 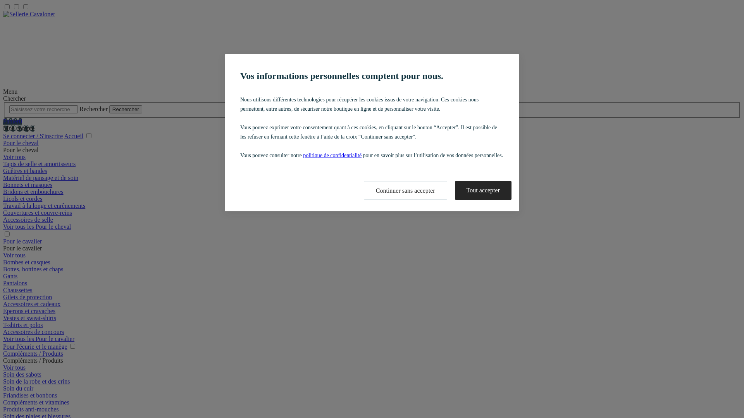 I want to click on 'Gilets de protection', so click(x=28, y=296).